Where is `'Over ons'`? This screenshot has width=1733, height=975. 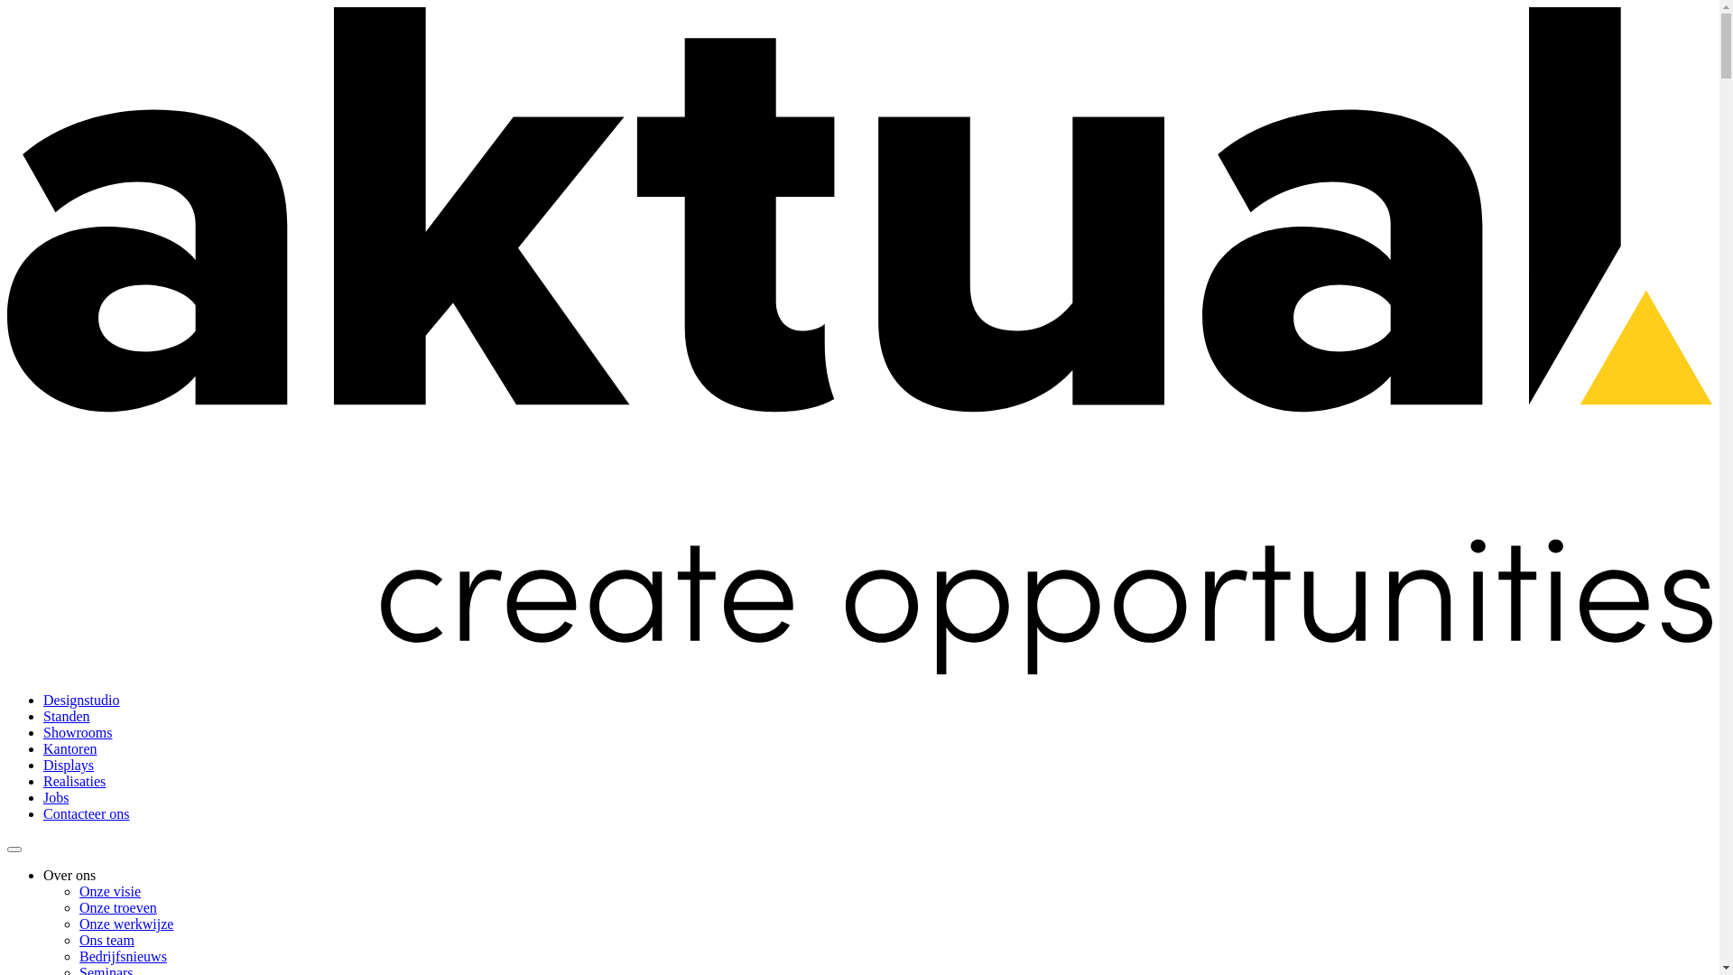
'Over ons' is located at coordinates (69, 874).